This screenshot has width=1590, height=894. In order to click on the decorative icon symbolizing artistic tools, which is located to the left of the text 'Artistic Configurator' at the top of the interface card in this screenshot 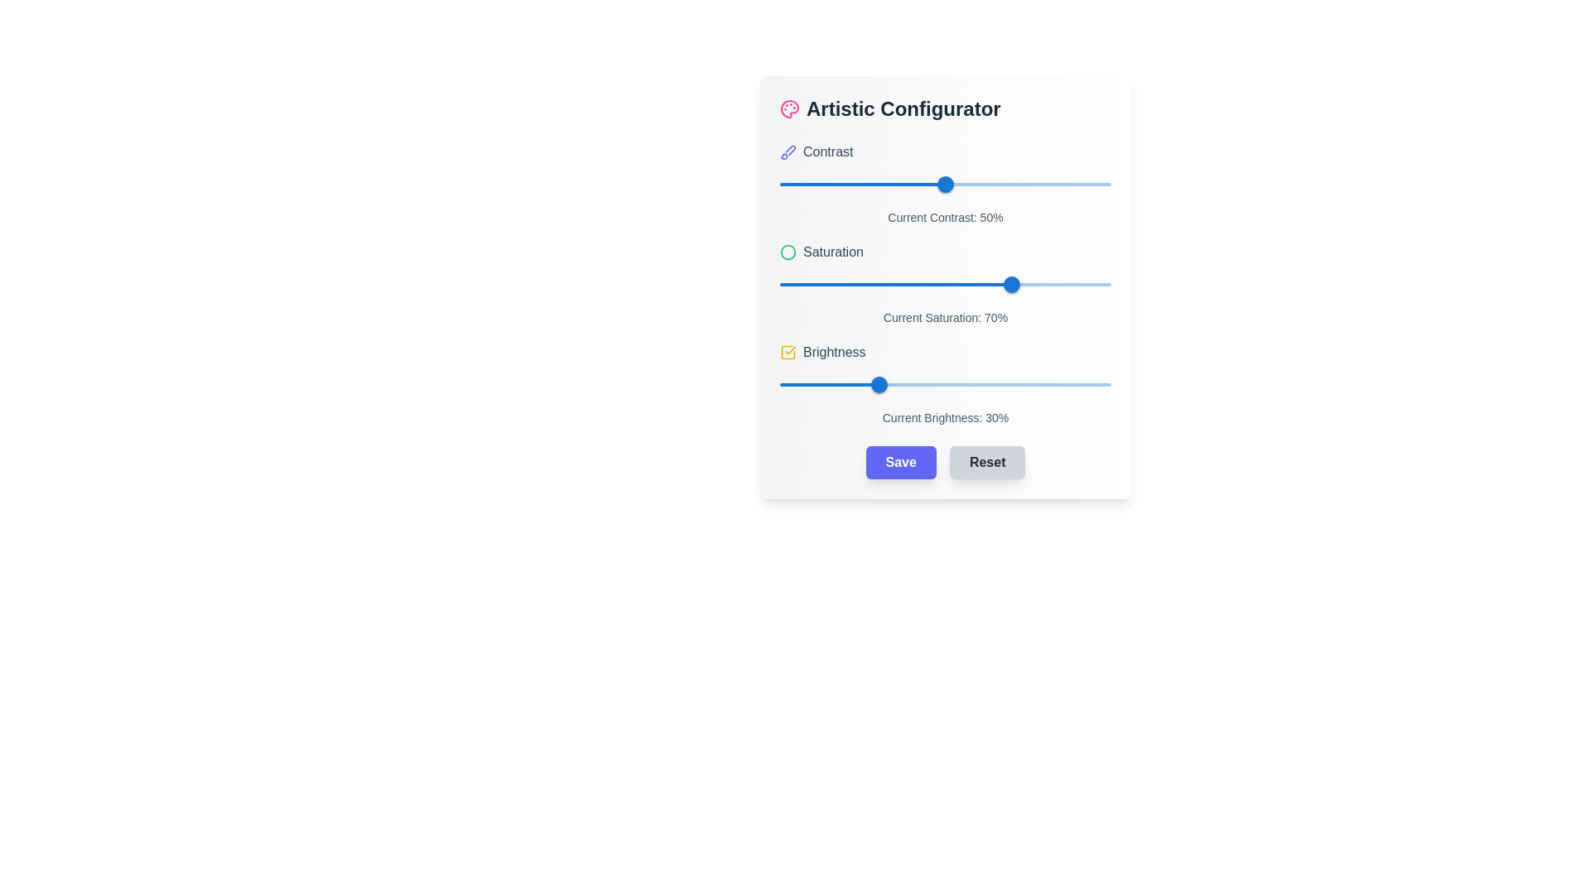, I will do `click(789, 108)`.